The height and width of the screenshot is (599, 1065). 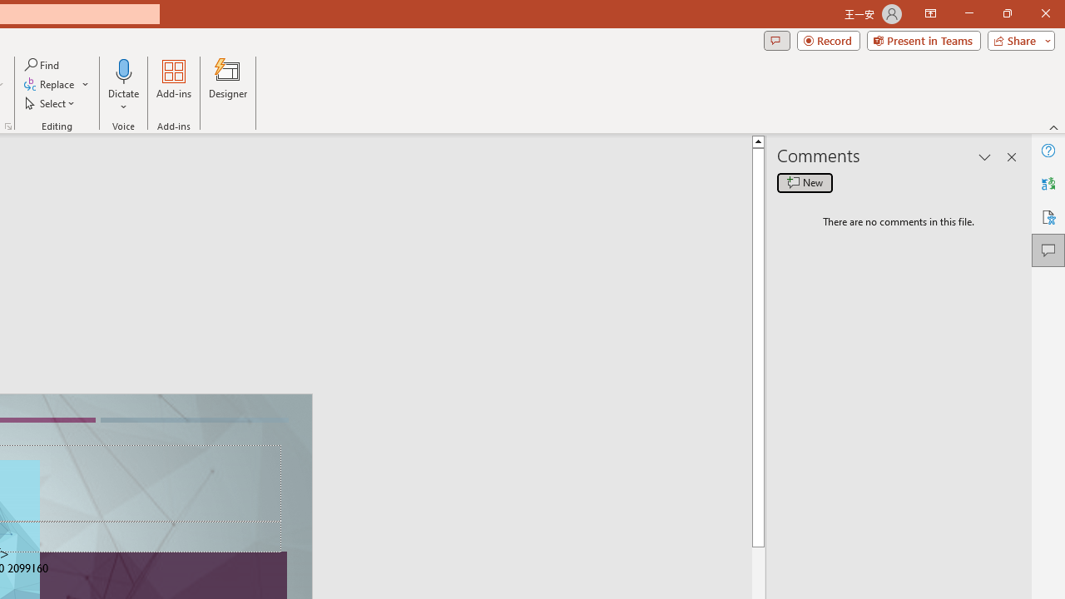 What do you see at coordinates (805, 182) in the screenshot?
I see `'New comment'` at bounding box center [805, 182].